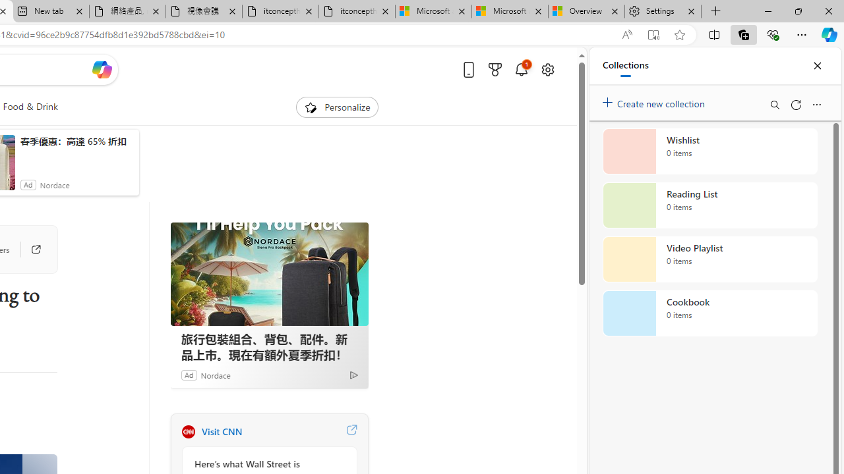 The height and width of the screenshot is (474, 844). I want to click on 'Cookbook collection, 0 items', so click(709, 313).